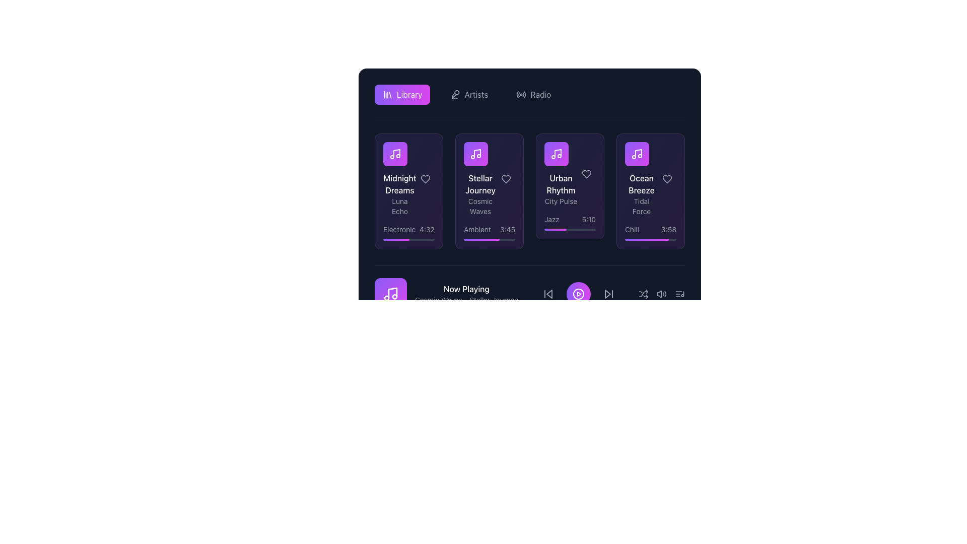 The width and height of the screenshot is (967, 544). Describe the element at coordinates (650, 239) in the screenshot. I see `the progress bar located within the 'Ocean Breeze' media card, situated below the text 'Chill 3:58'` at that location.